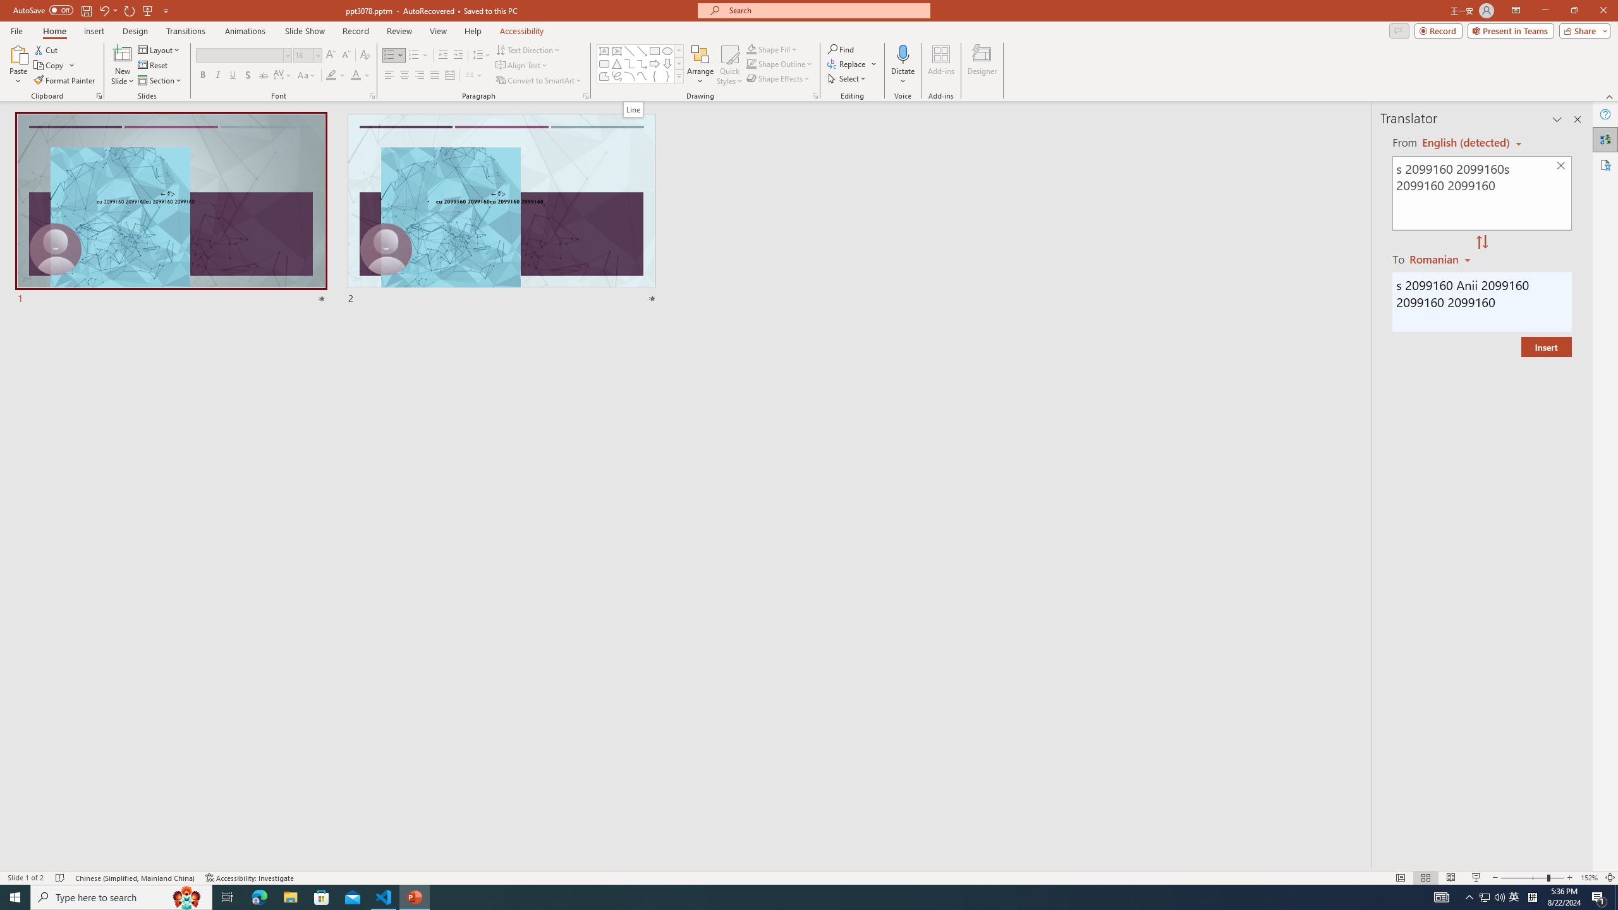 The height and width of the screenshot is (910, 1618). I want to click on 'Line Spacing', so click(482, 55).